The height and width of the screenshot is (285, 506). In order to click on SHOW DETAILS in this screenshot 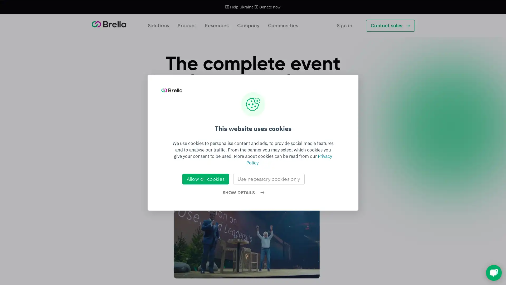, I will do `click(243, 193)`.